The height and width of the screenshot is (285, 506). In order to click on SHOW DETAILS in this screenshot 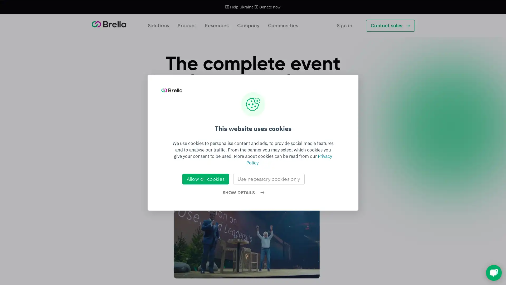, I will do `click(243, 193)`.